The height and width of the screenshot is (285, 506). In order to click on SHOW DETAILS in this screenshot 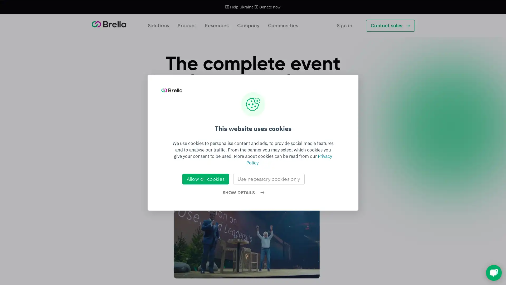, I will do `click(243, 193)`.